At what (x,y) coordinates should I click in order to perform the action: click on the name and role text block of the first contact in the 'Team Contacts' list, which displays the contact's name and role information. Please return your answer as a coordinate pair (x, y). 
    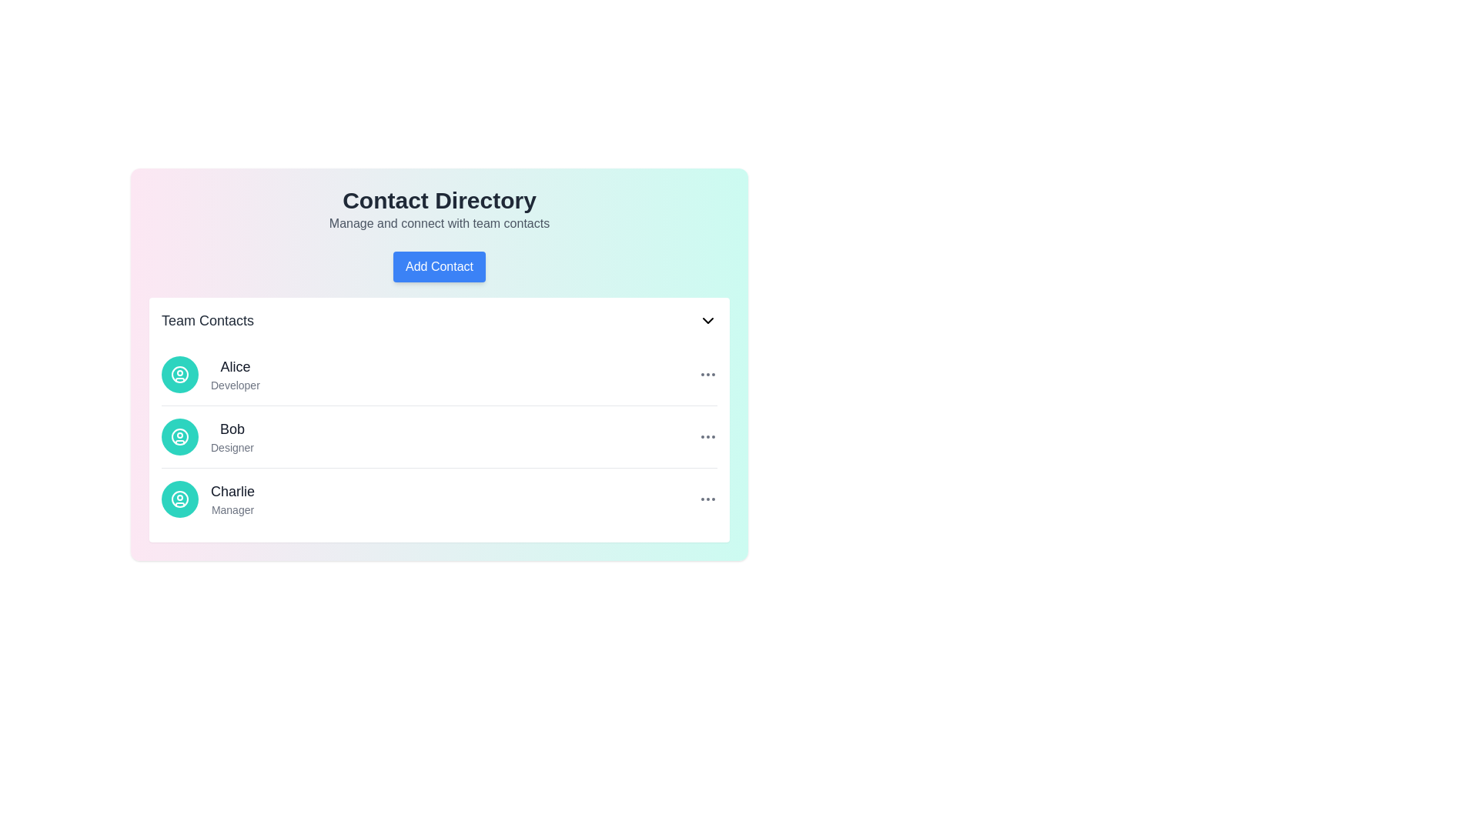
    Looking at the image, I should click on (234, 374).